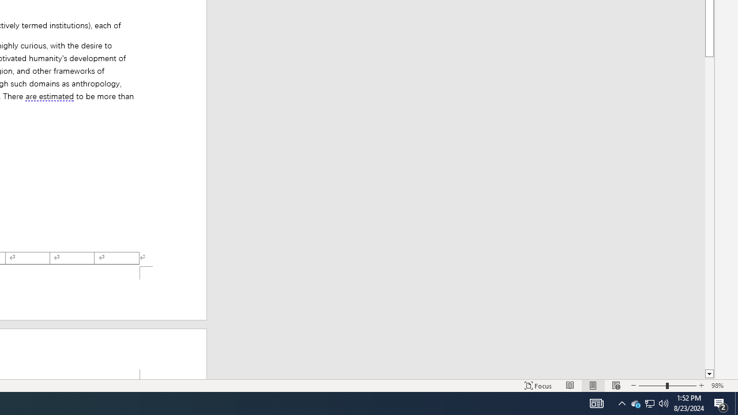 Image resolution: width=738 pixels, height=415 pixels. Describe the element at coordinates (668, 386) in the screenshot. I see `'Zoom'` at that location.